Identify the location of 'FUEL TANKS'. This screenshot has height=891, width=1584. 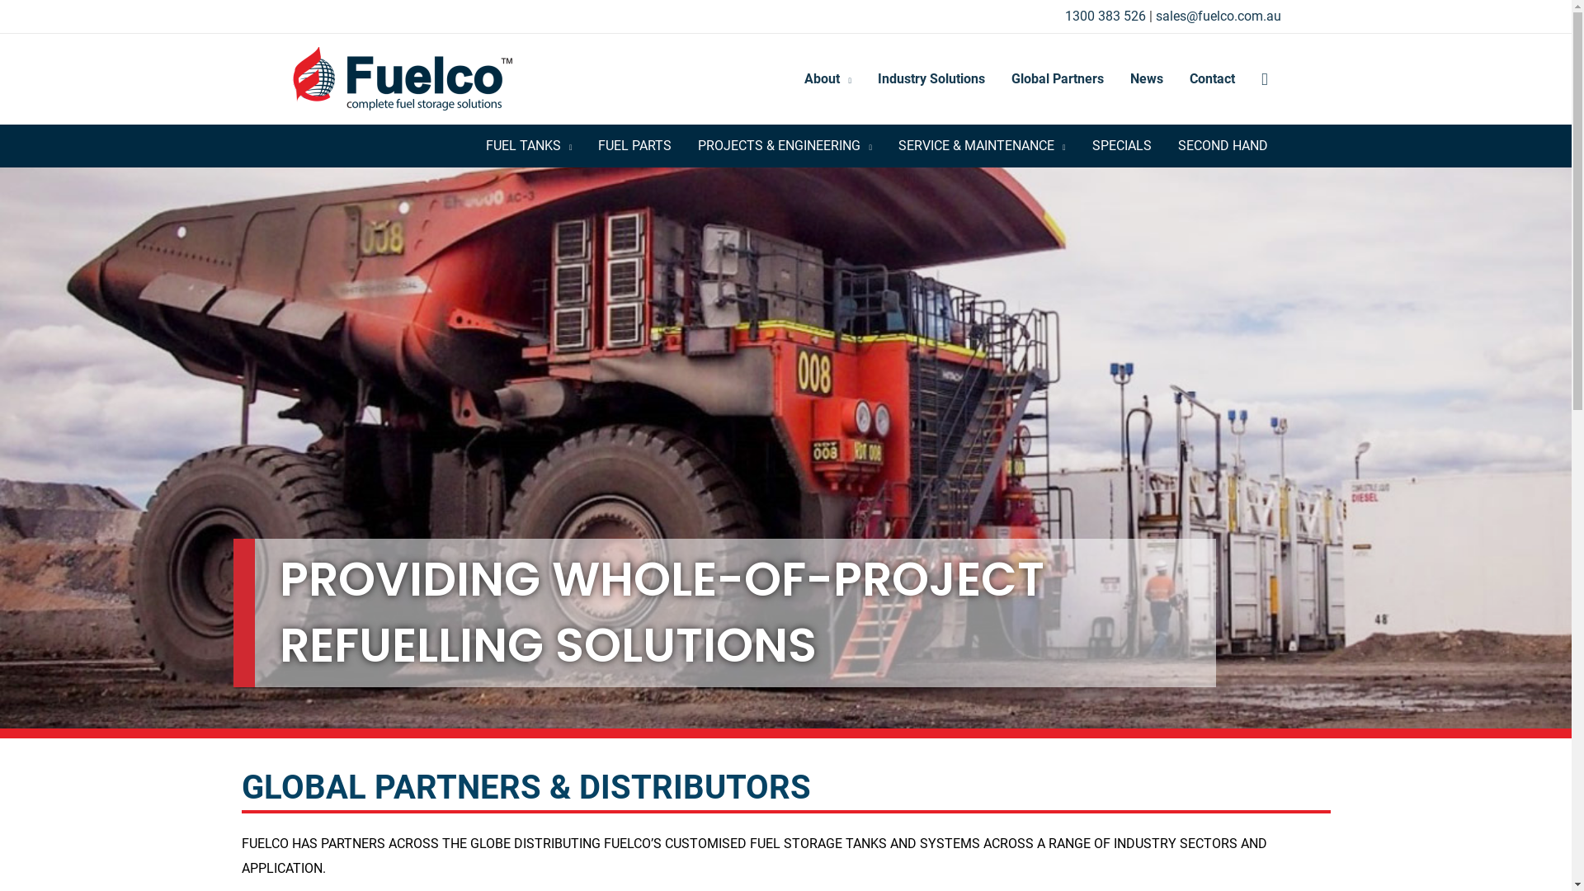
(471, 145).